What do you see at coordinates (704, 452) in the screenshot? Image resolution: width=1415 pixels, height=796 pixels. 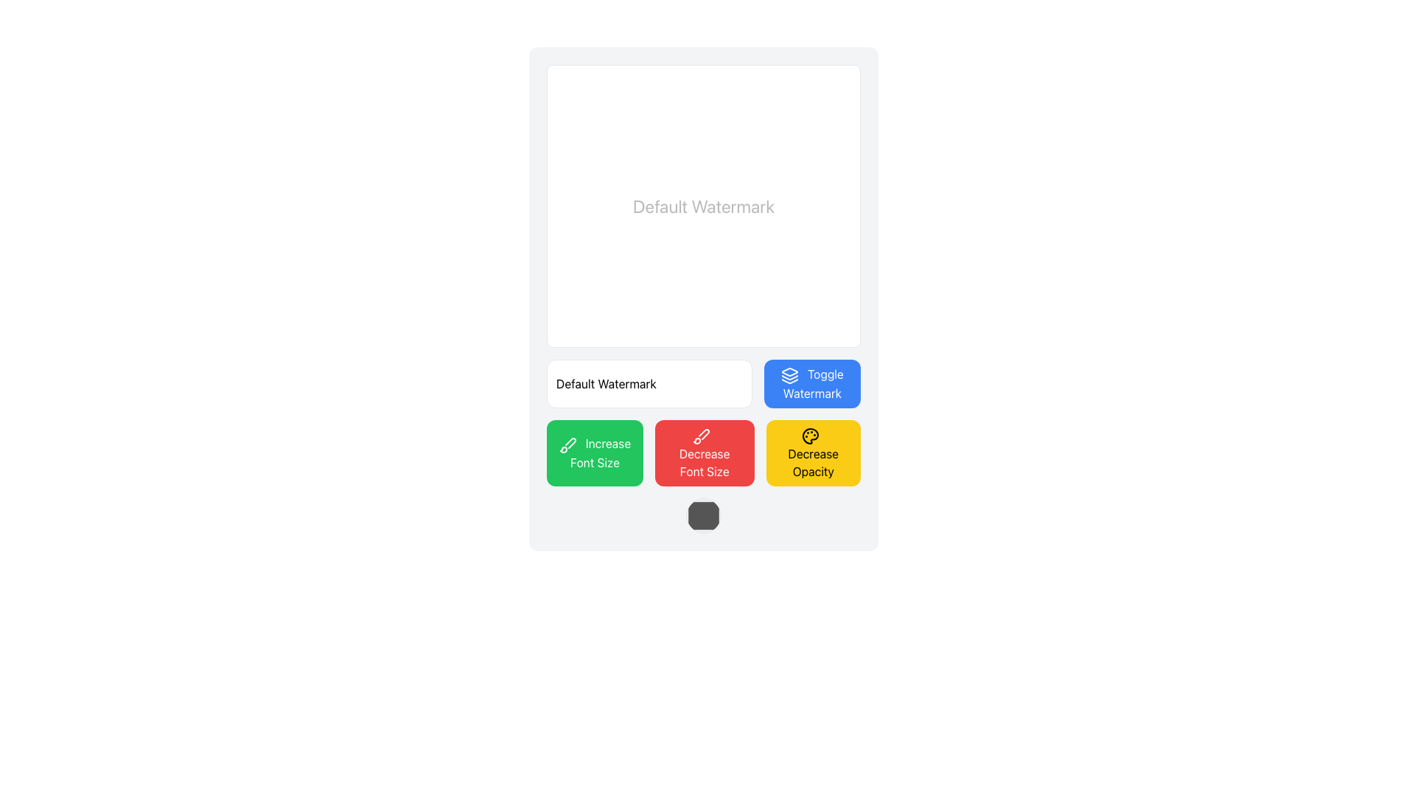 I see `the red button labeled 'Decrease Font Size' with white text and a brush icon to decrease the font size` at bounding box center [704, 452].